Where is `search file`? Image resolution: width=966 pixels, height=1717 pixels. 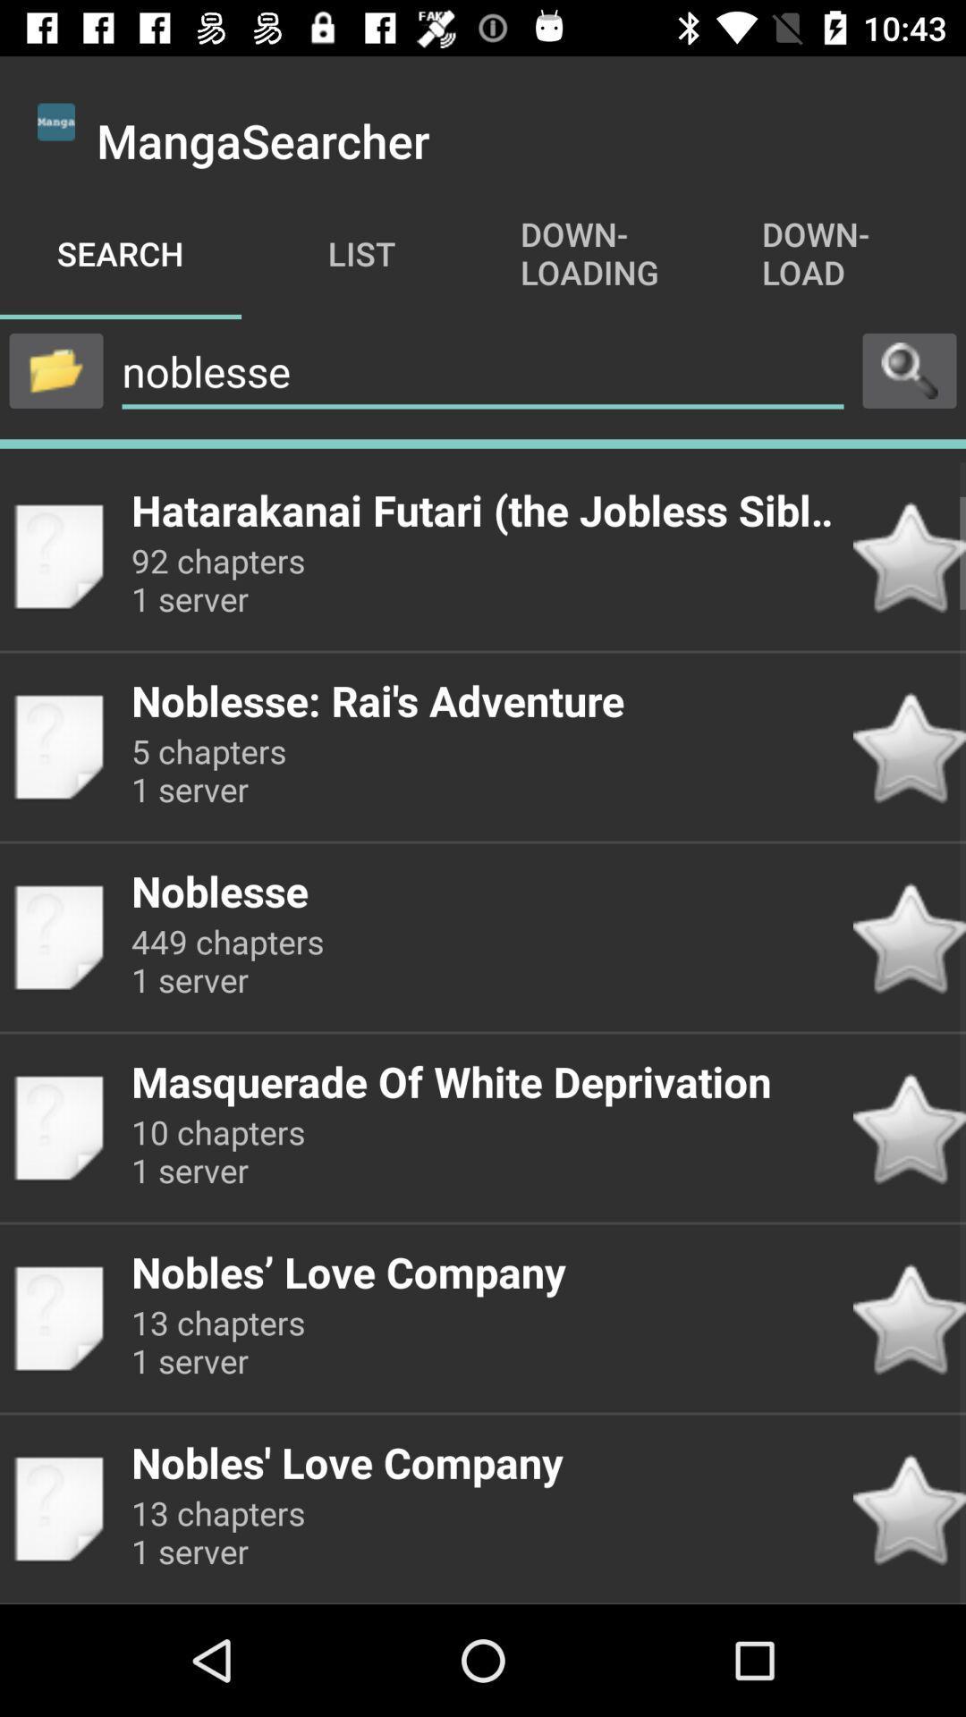
search file is located at coordinates (910, 369).